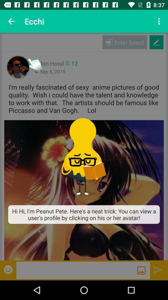  What do you see at coordinates (141, 270) in the screenshot?
I see `send the message` at bounding box center [141, 270].